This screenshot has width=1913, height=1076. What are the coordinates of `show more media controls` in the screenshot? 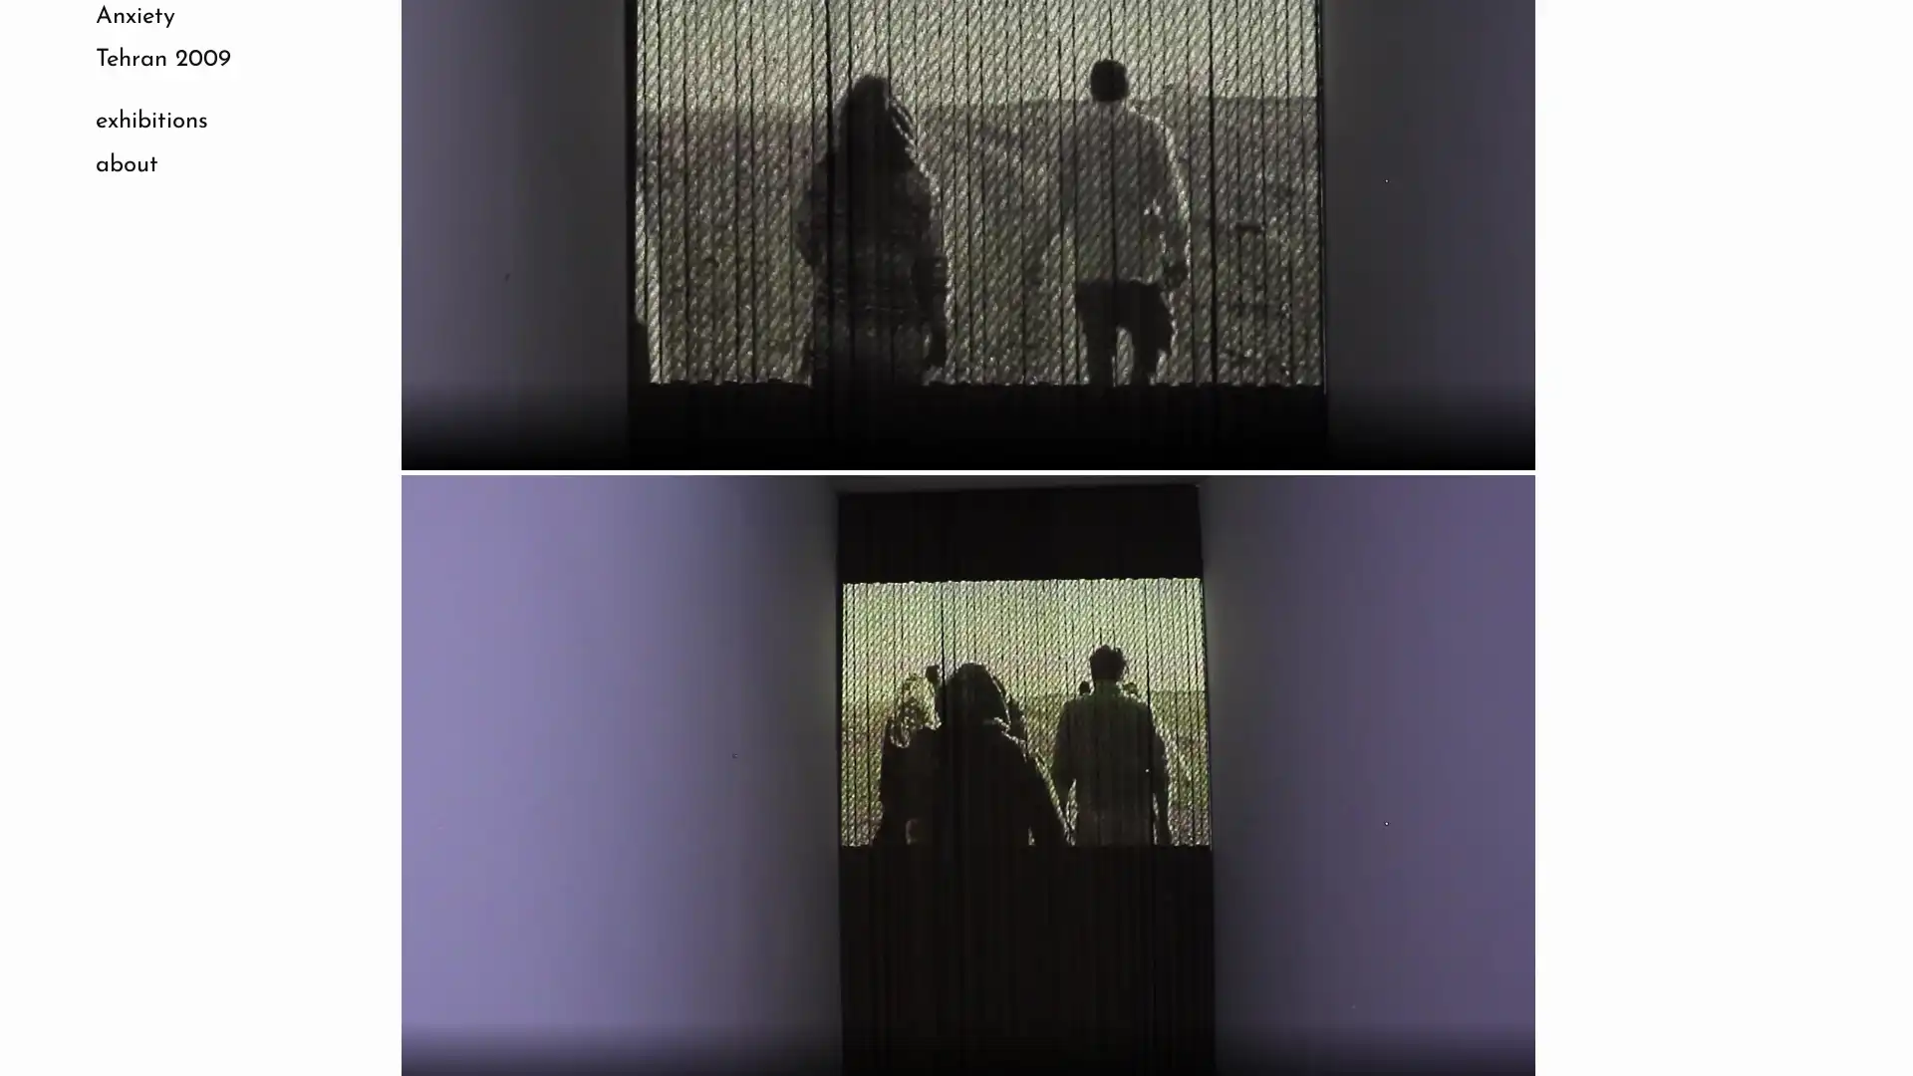 It's located at (1510, 420).